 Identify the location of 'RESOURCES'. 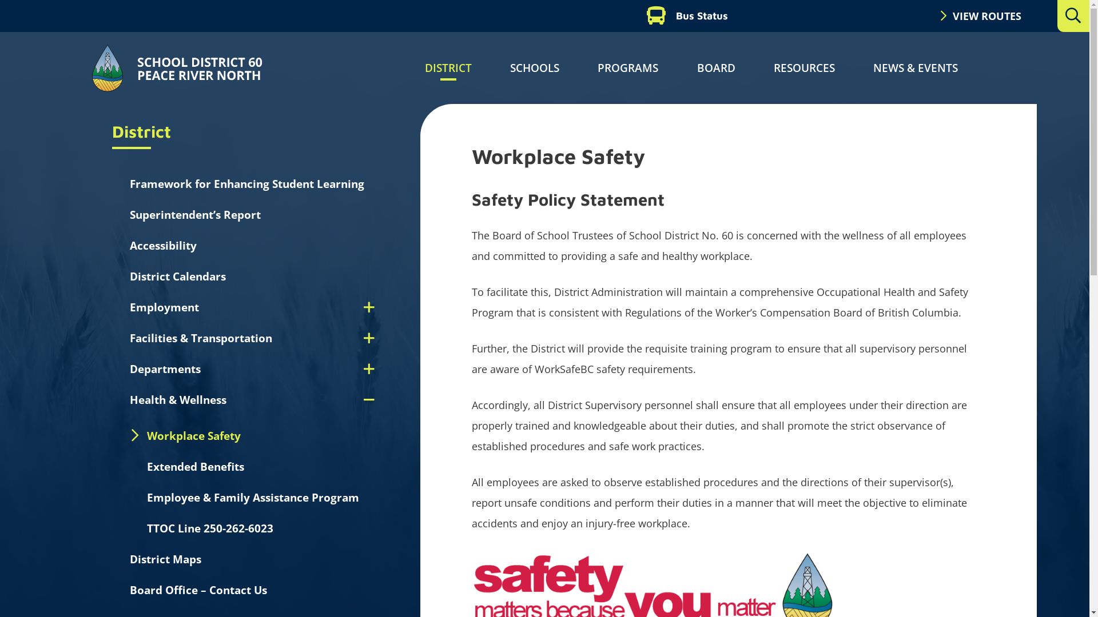
(803, 68).